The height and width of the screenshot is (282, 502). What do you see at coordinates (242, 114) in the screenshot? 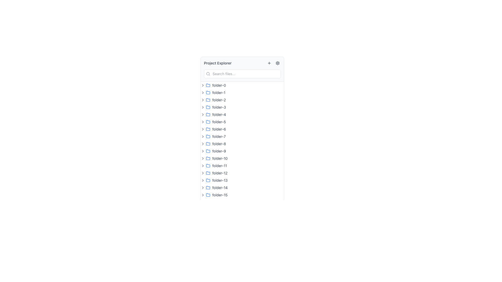
I see `the folder named 'folder-4' in the project explorer sidebar` at bounding box center [242, 114].